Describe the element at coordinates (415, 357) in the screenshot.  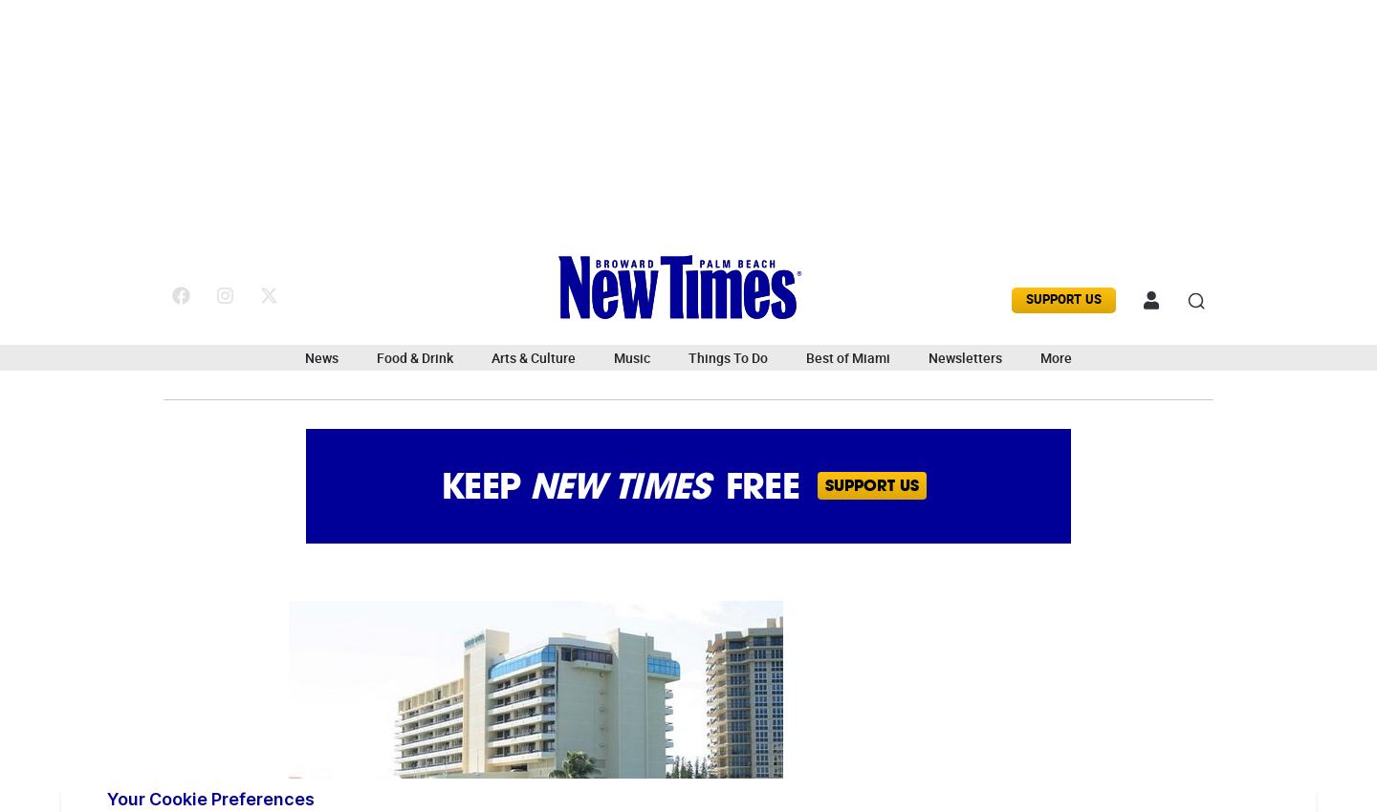
I see `'Food & Drink'` at that location.